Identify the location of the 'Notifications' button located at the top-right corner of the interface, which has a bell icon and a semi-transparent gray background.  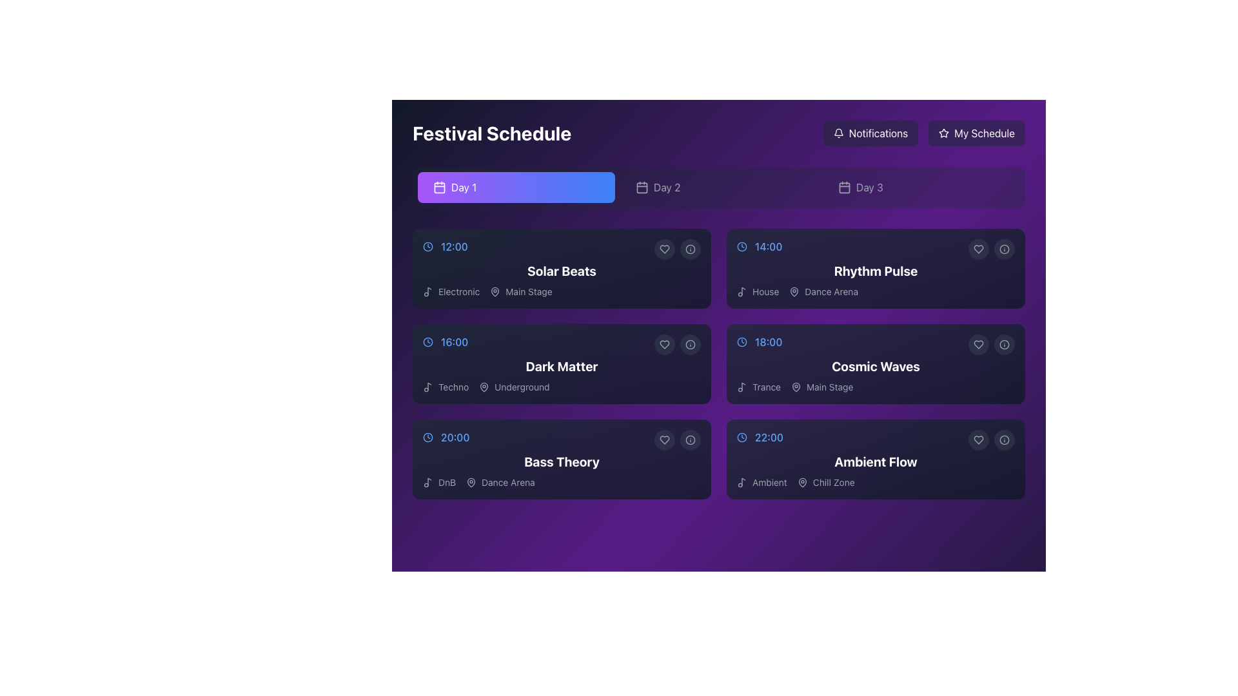
(870, 133).